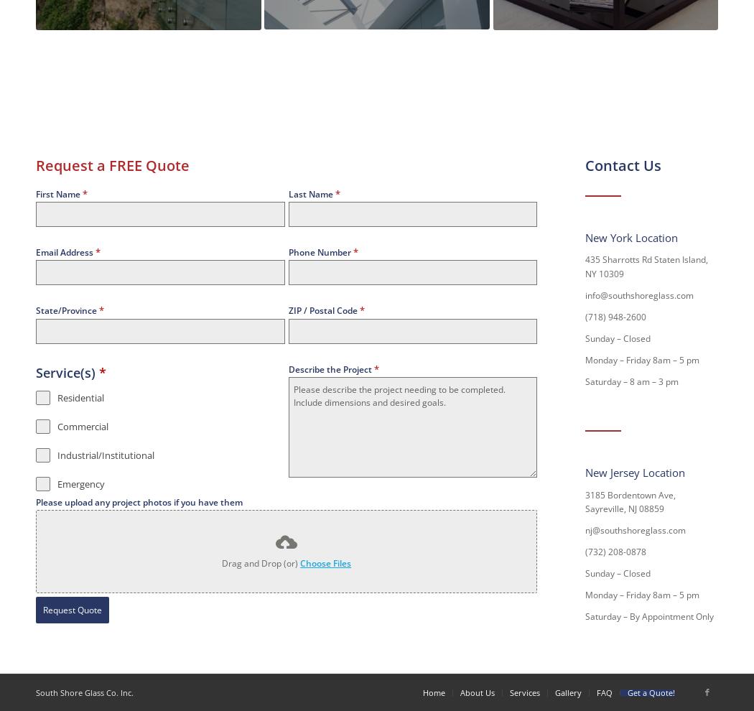  I want to click on 'New York Location', so click(630, 236).